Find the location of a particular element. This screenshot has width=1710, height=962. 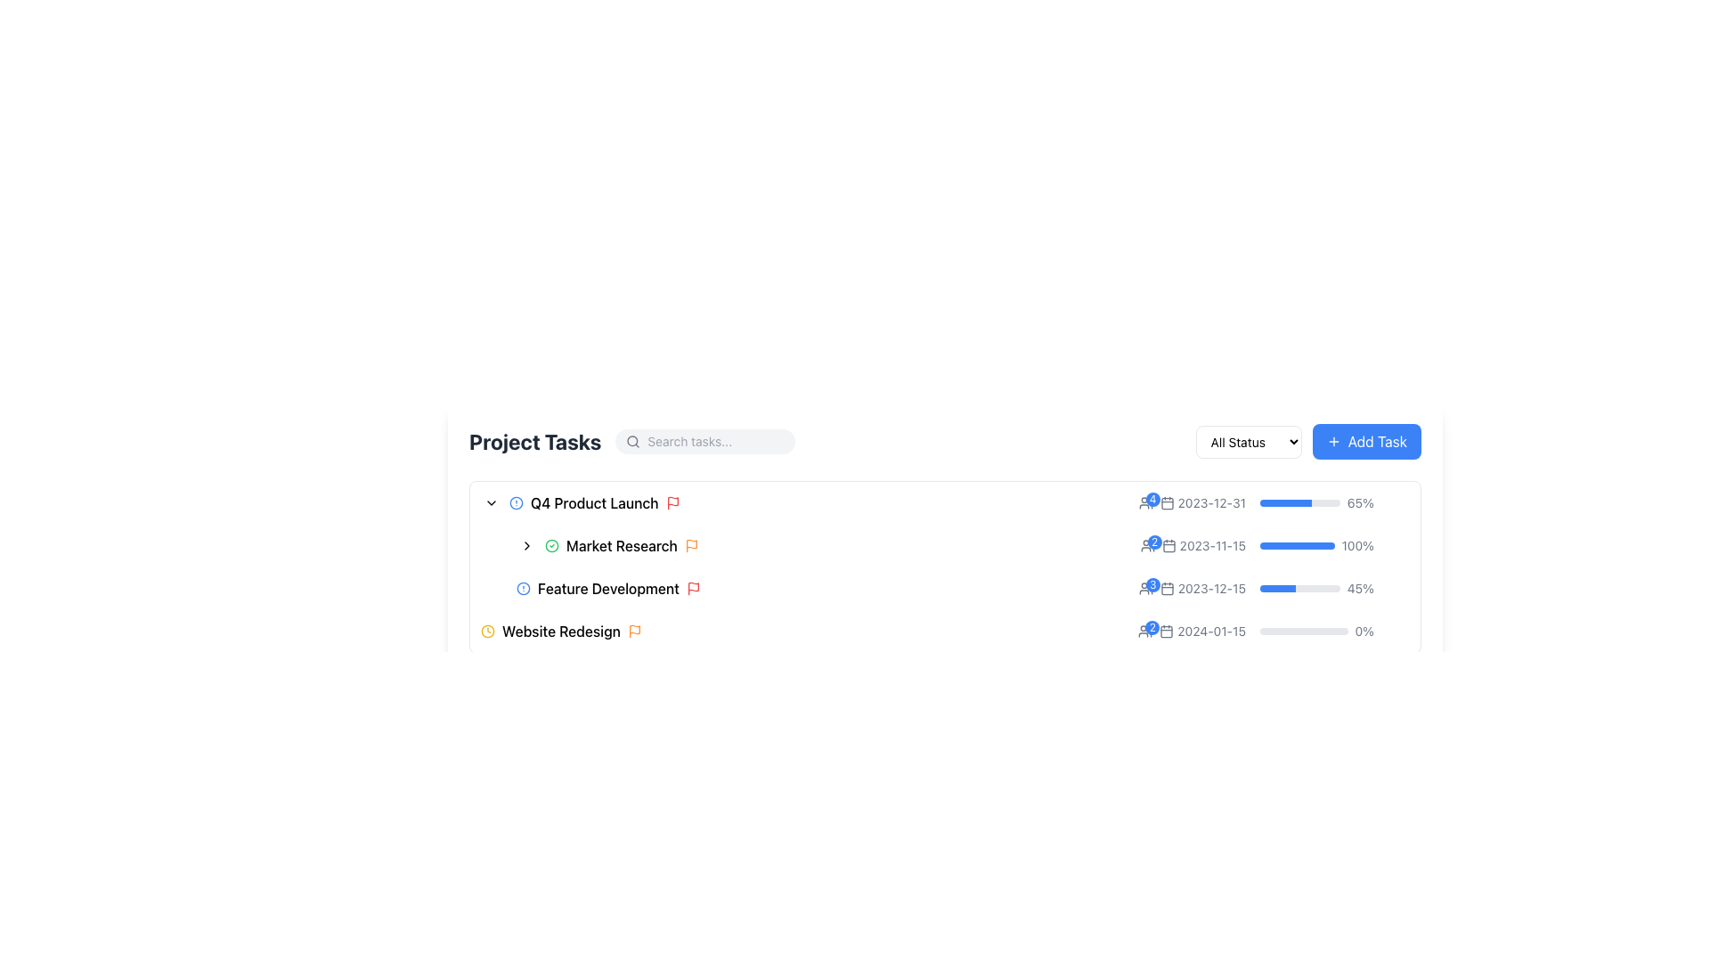

the task row surrounding the date display element '2024-01-15', which is located in the bottom-most row of the task list is located at coordinates (1192, 631).